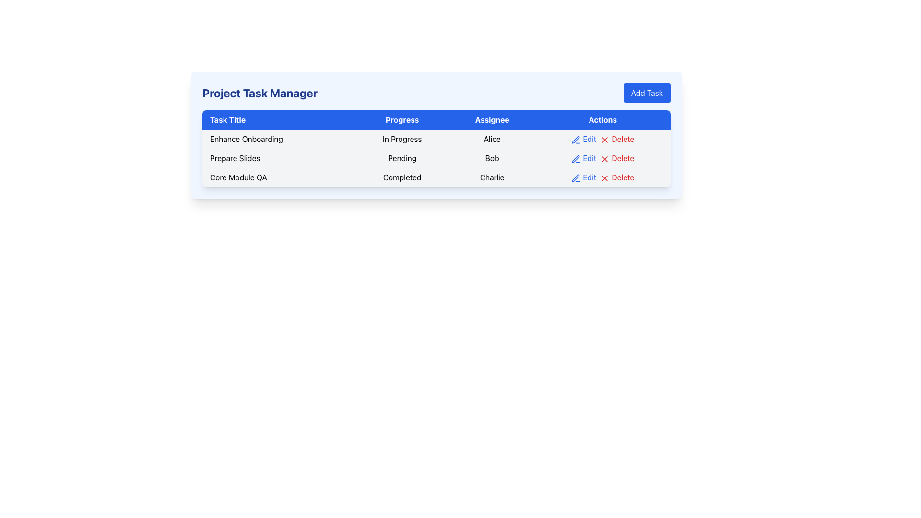  What do you see at coordinates (402, 139) in the screenshot?
I see `the 'In Progress' label in the 'Progress' column of the table, which is styled with a light background and dark text, located to the left of 'Alice'` at bounding box center [402, 139].